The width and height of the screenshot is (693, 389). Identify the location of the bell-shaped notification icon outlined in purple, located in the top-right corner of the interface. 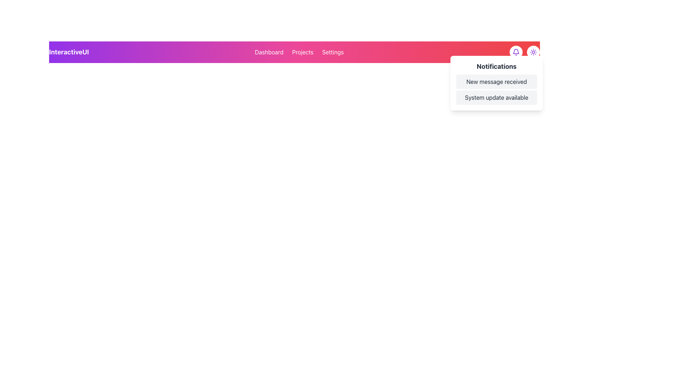
(516, 52).